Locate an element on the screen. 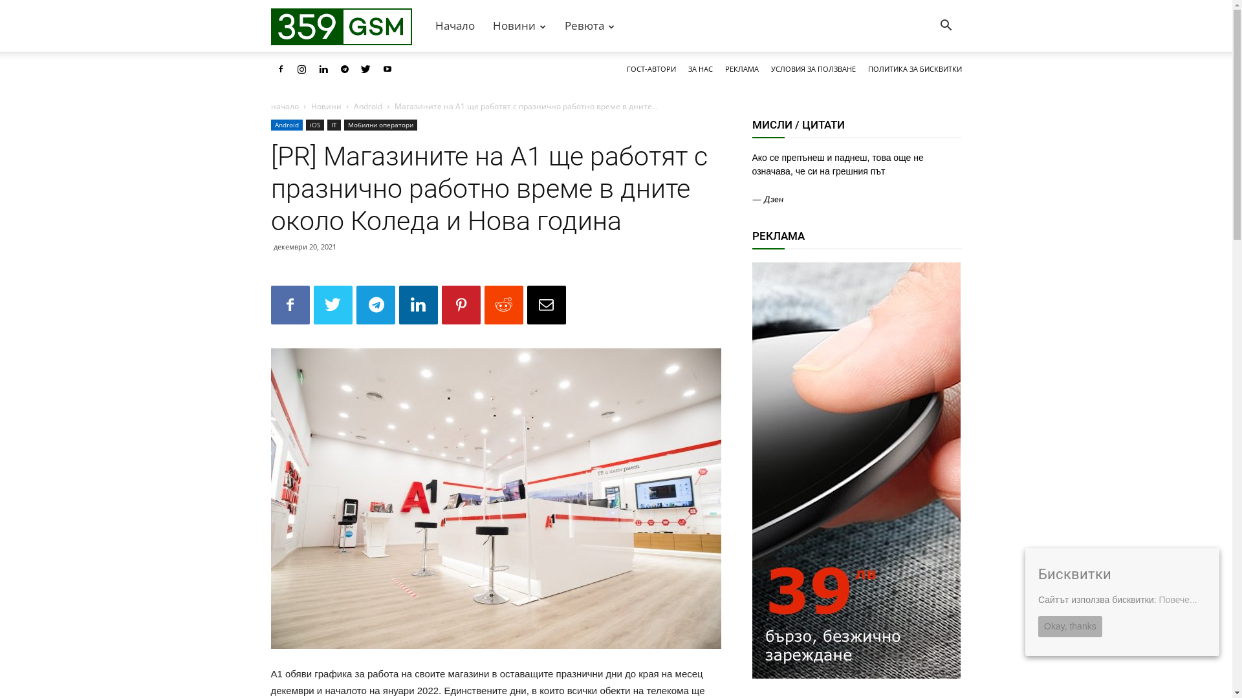  'Okay, thanks' is located at coordinates (1038, 626).